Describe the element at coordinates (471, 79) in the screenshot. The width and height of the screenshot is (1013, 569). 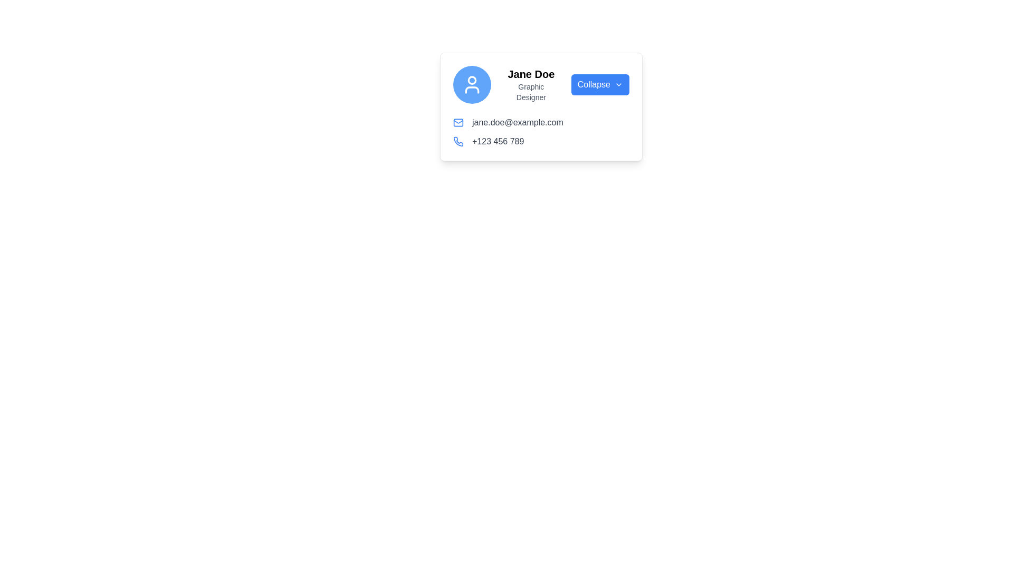
I see `the small white circular SVG element at the top of the user avatar icon` at that location.